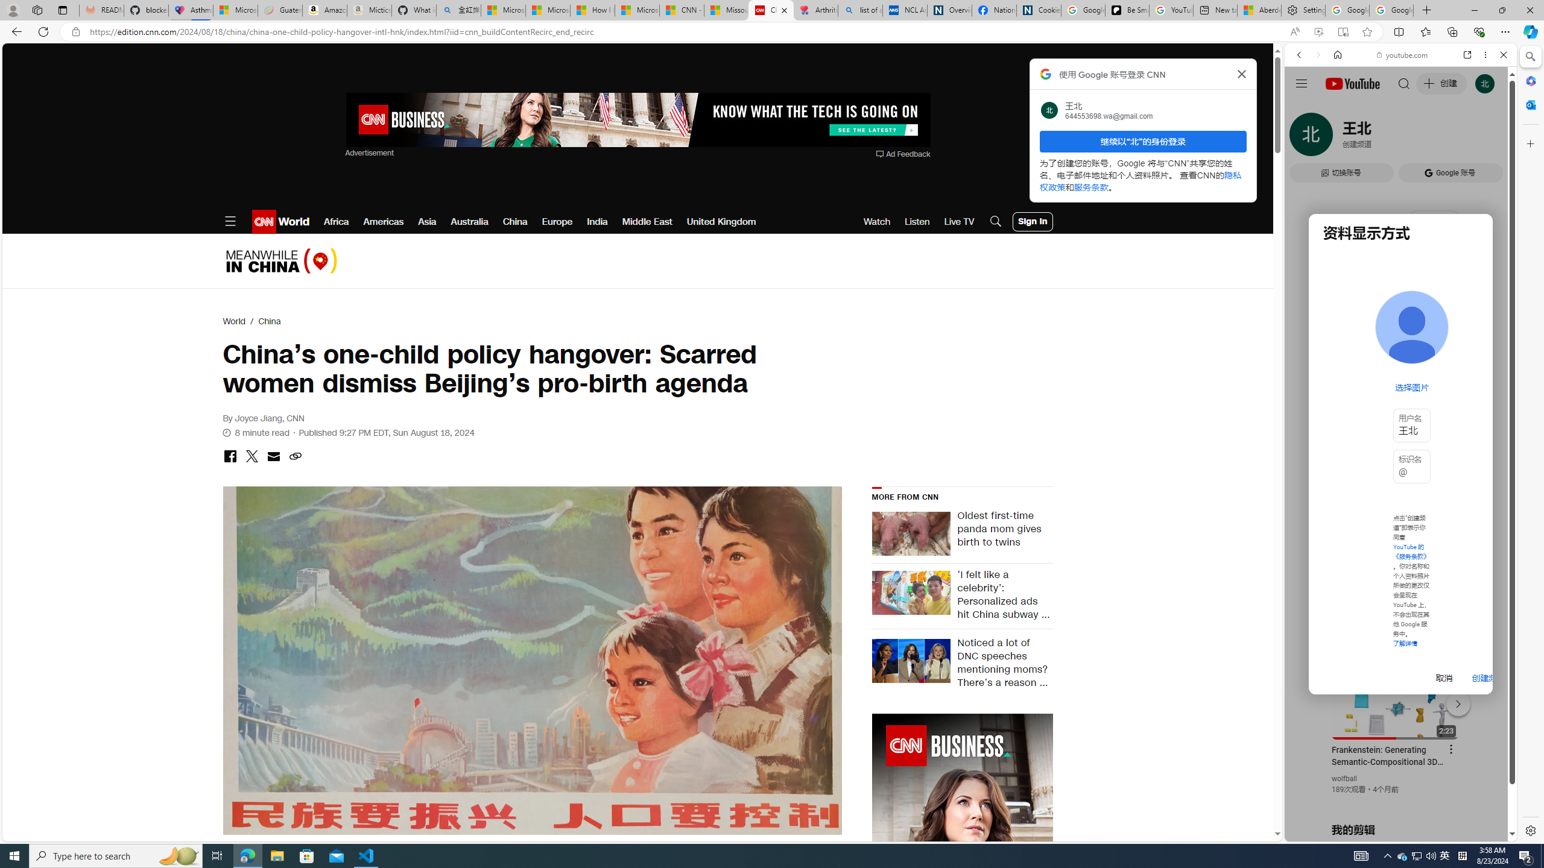  What do you see at coordinates (592, 10) in the screenshot?
I see `'How I Got Rid of Microsoft Edge'` at bounding box center [592, 10].